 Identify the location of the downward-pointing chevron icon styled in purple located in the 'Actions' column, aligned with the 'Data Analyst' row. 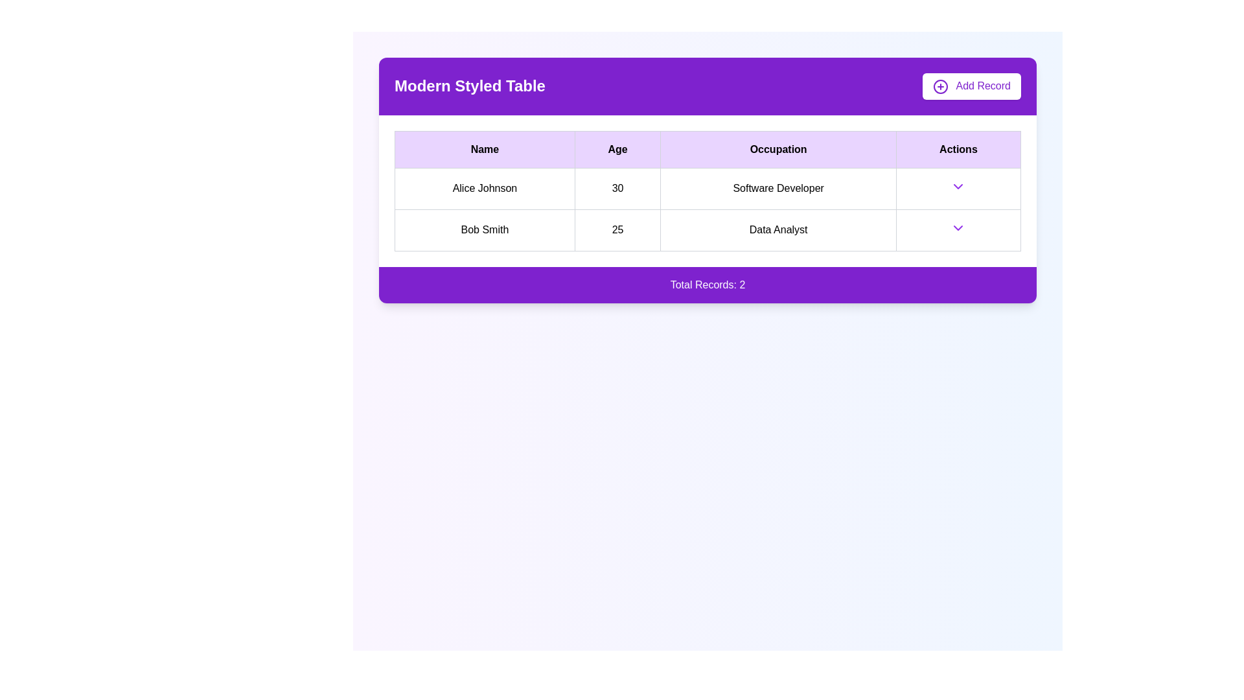
(958, 227).